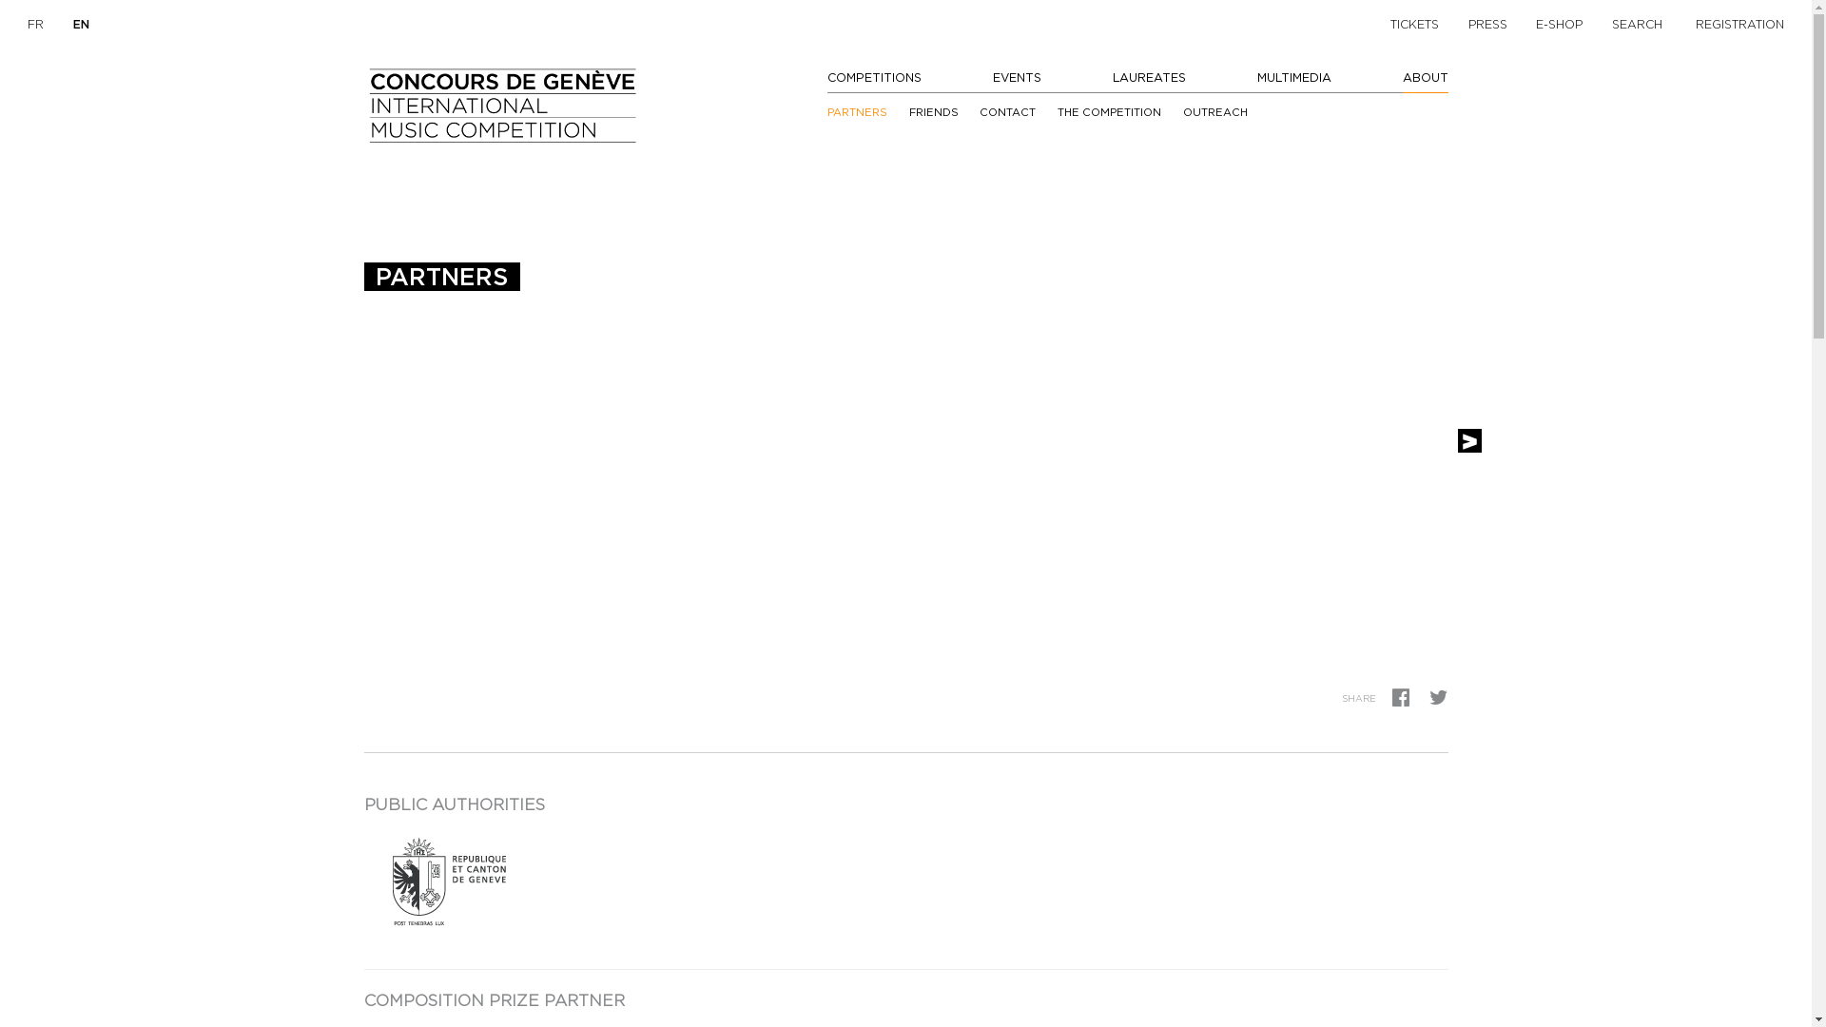 The height and width of the screenshot is (1027, 1826). Describe the element at coordinates (934, 112) in the screenshot. I see `'FRIENDS'` at that location.